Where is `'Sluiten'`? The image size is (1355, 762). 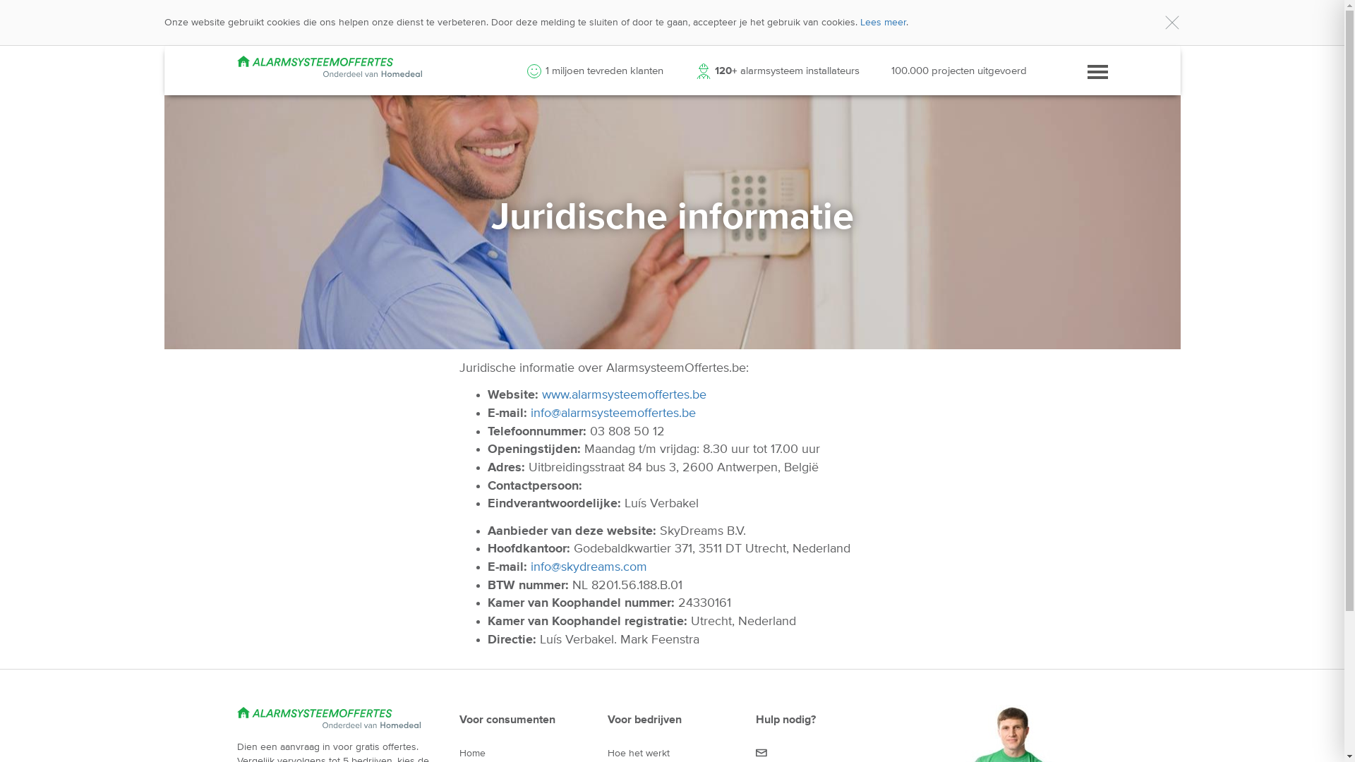 'Sluiten' is located at coordinates (1172, 22).